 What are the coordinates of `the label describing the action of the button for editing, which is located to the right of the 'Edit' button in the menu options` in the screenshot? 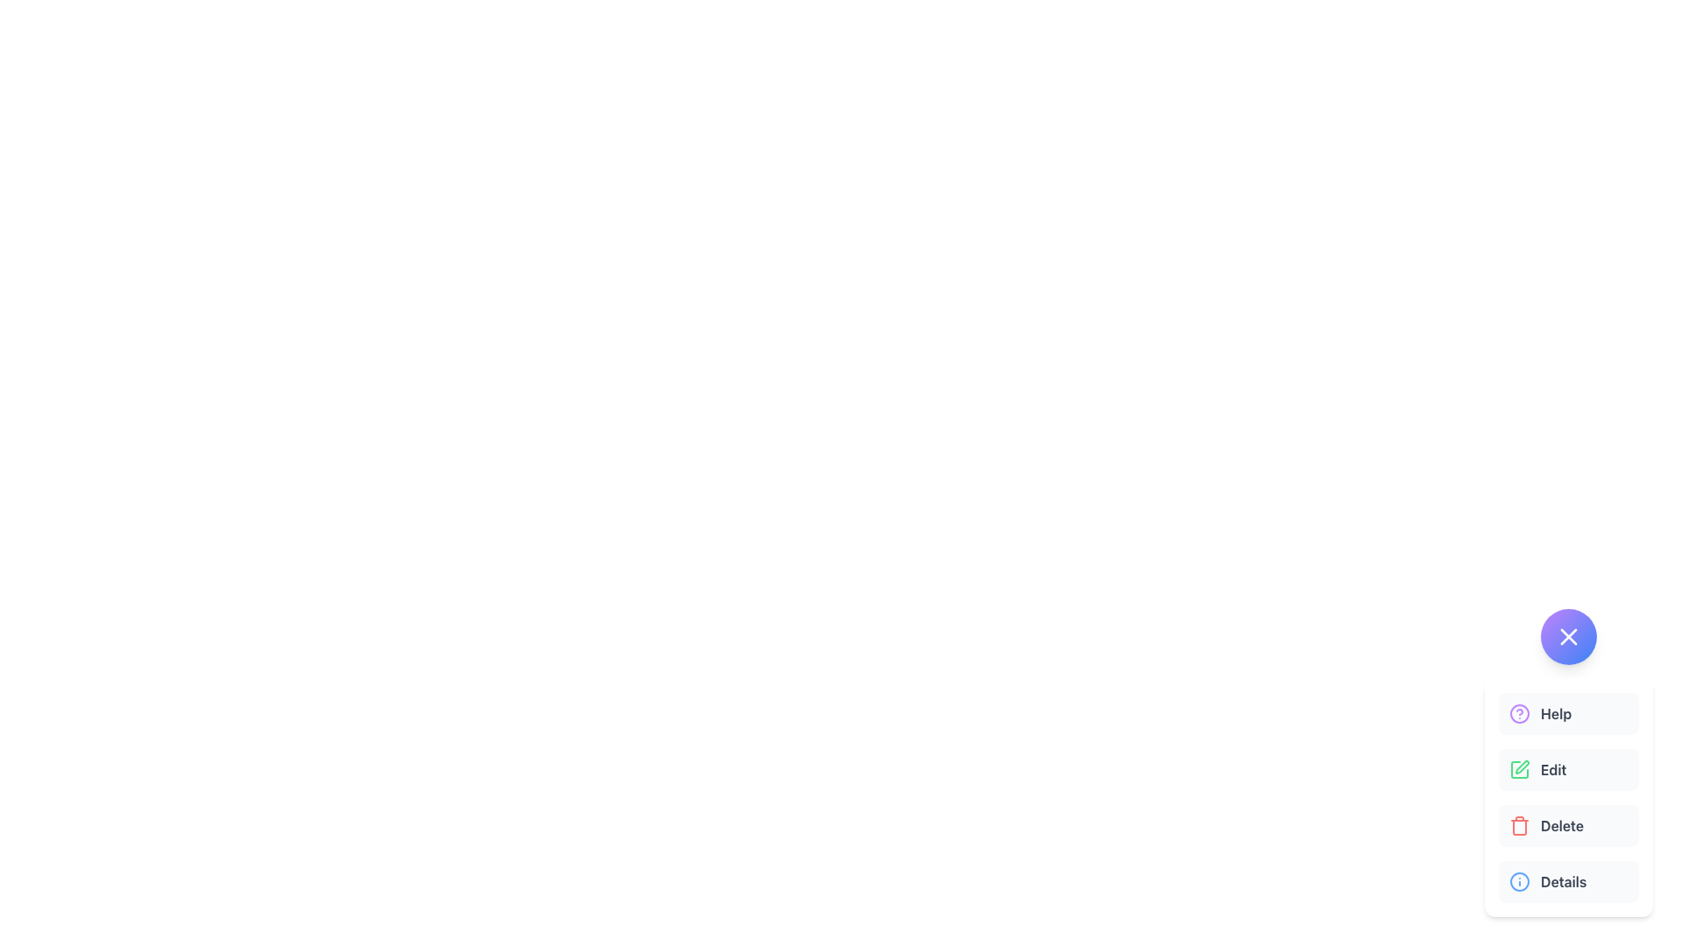 It's located at (1553, 768).